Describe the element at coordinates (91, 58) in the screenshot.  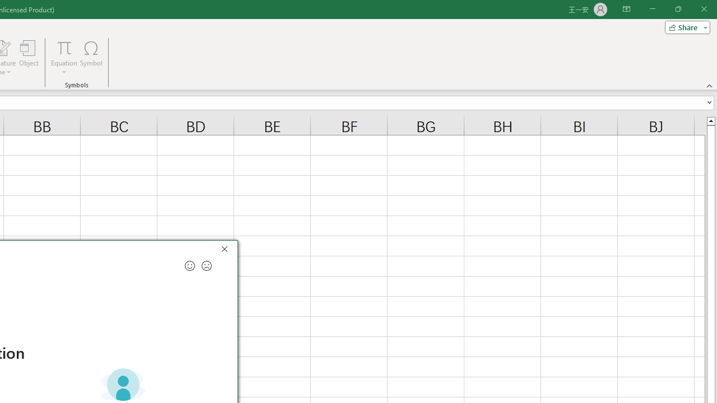
I see `'Symbol...'` at that location.